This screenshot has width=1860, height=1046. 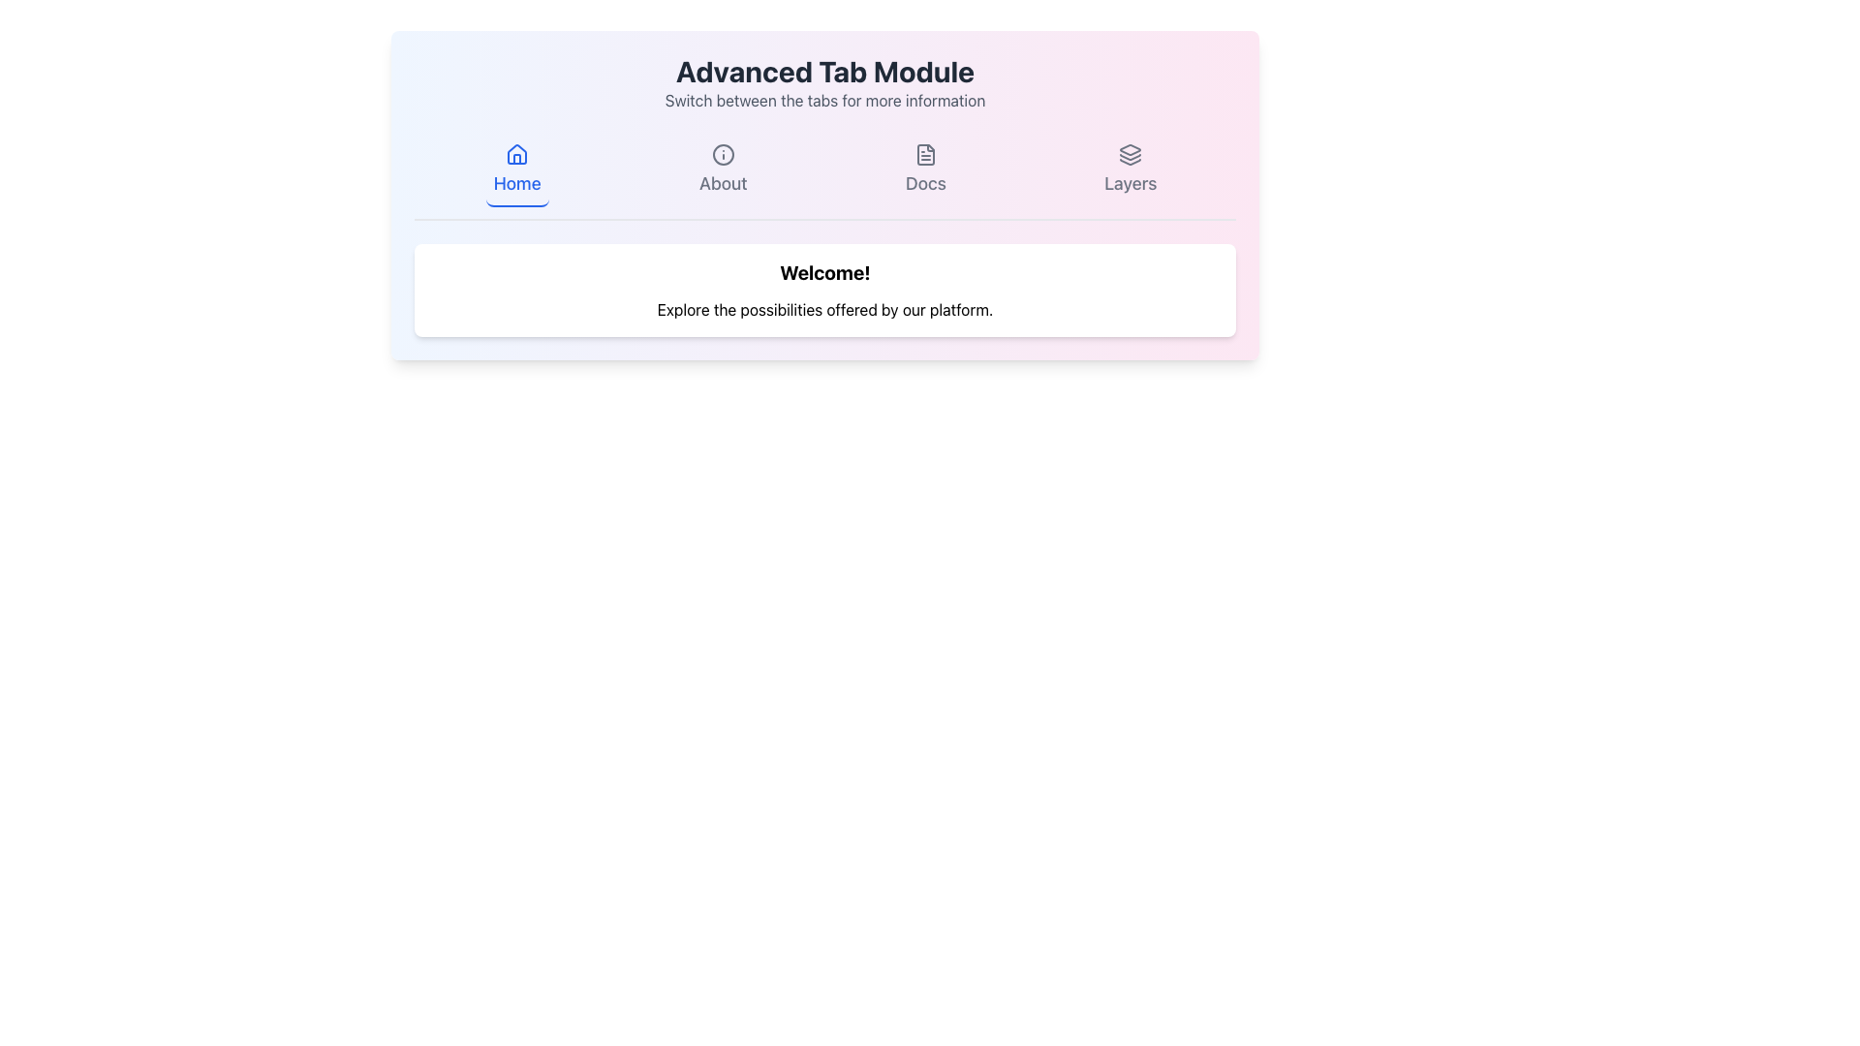 I want to click on the 'Docs' label in the navigation section, which is centrally positioned between 'About' and 'Layers' under the 'Advanced Tab Module', so click(x=924, y=183).